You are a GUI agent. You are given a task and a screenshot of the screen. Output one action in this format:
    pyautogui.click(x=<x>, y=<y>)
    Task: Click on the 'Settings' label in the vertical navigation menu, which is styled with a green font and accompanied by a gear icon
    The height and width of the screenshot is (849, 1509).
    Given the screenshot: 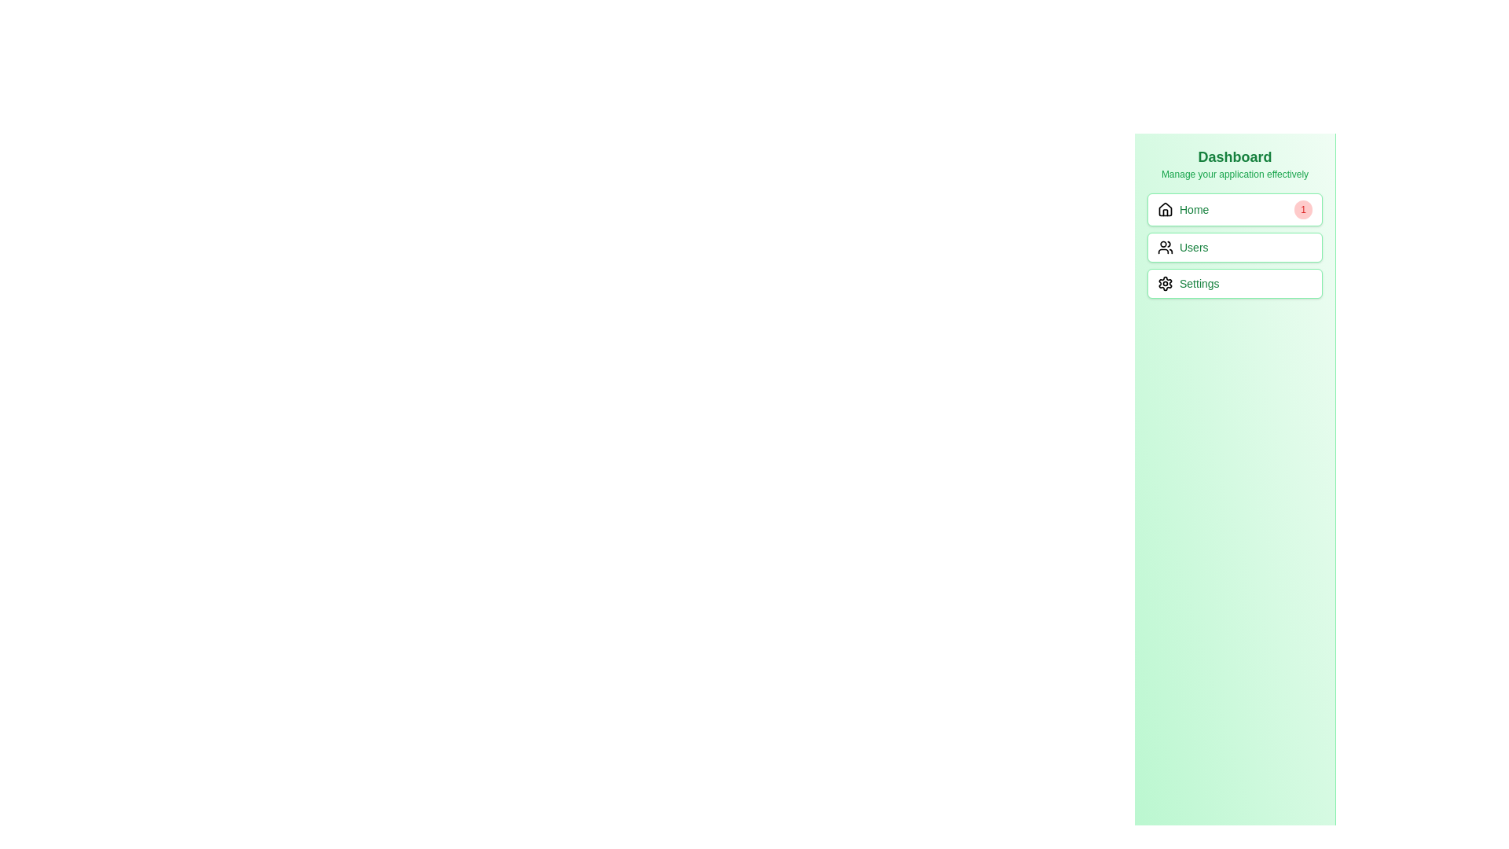 What is the action you would take?
    pyautogui.click(x=1199, y=284)
    